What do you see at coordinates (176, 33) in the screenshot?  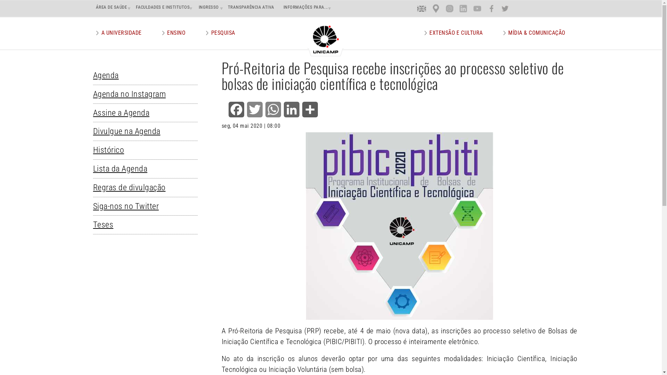 I see `'ENSINO'` at bounding box center [176, 33].